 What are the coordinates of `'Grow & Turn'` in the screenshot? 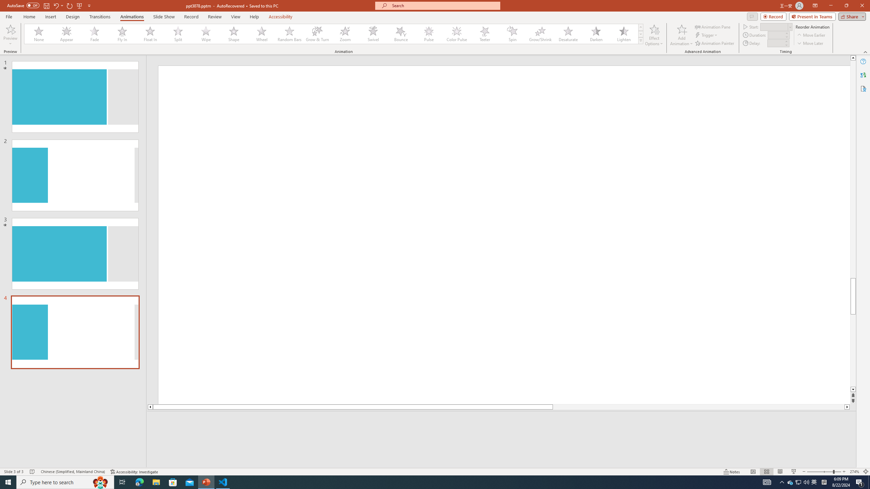 It's located at (317, 34).